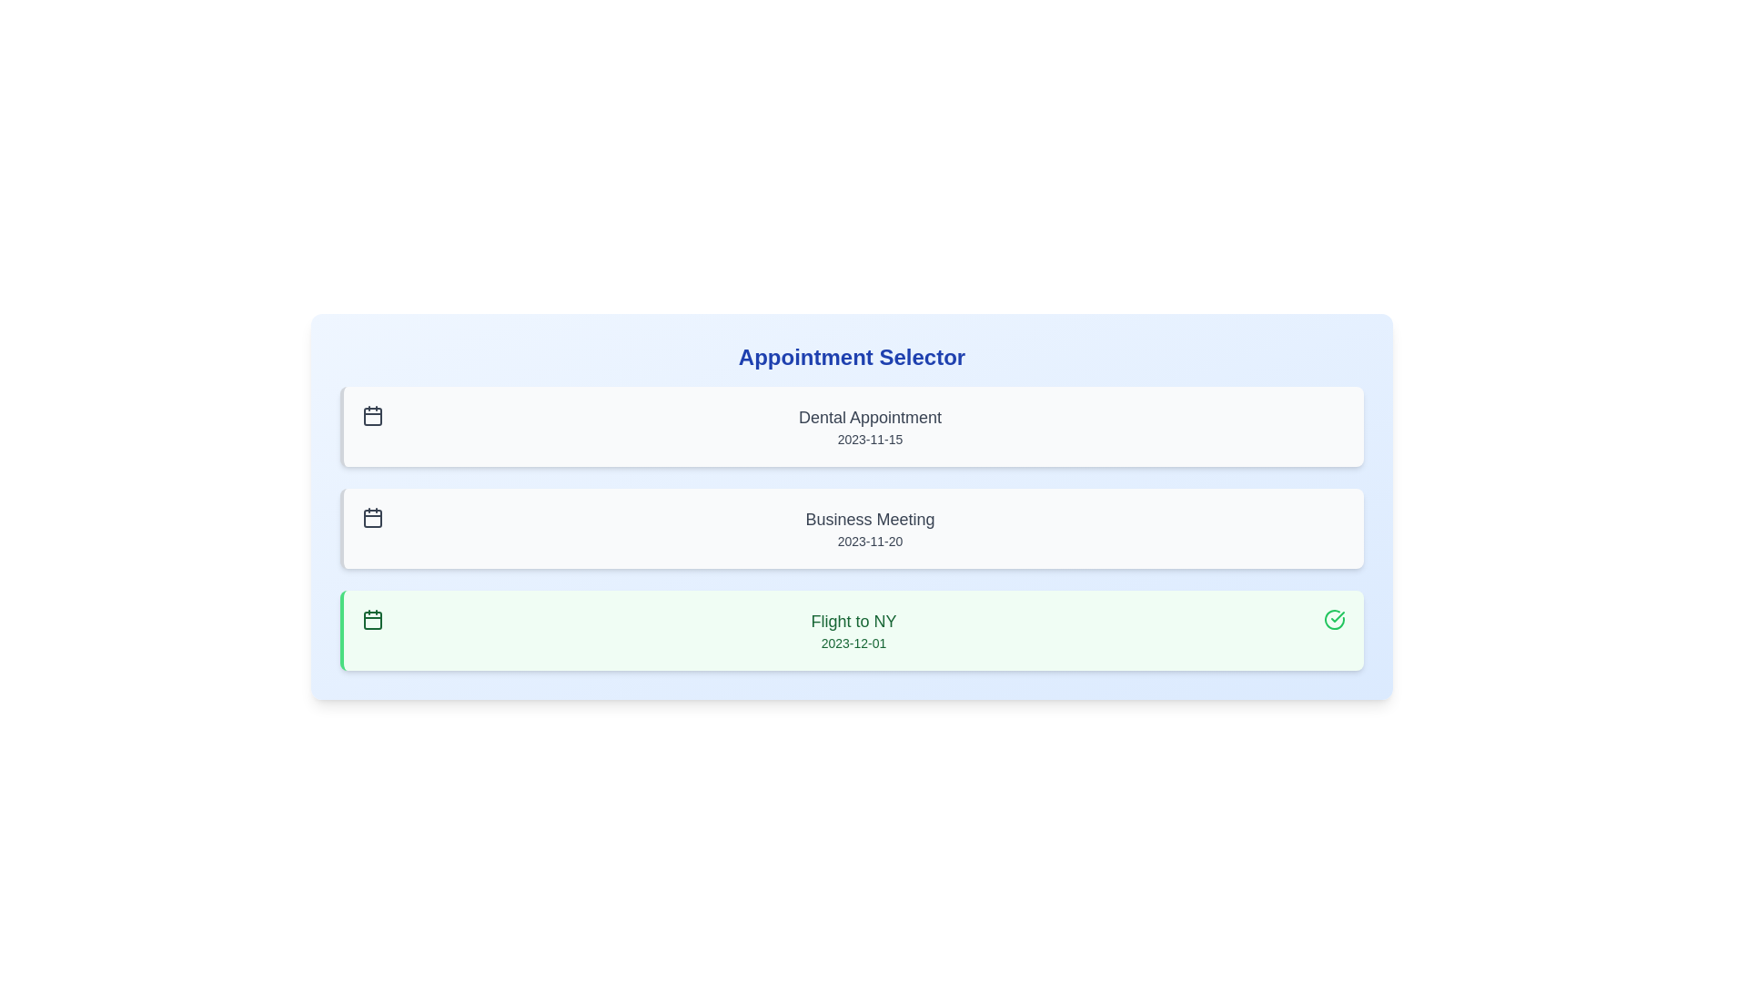 Image resolution: width=1747 pixels, height=983 pixels. Describe the element at coordinates (851, 427) in the screenshot. I see `the appointment labeled 'Dental Appointment' to observe its hover effect` at that location.